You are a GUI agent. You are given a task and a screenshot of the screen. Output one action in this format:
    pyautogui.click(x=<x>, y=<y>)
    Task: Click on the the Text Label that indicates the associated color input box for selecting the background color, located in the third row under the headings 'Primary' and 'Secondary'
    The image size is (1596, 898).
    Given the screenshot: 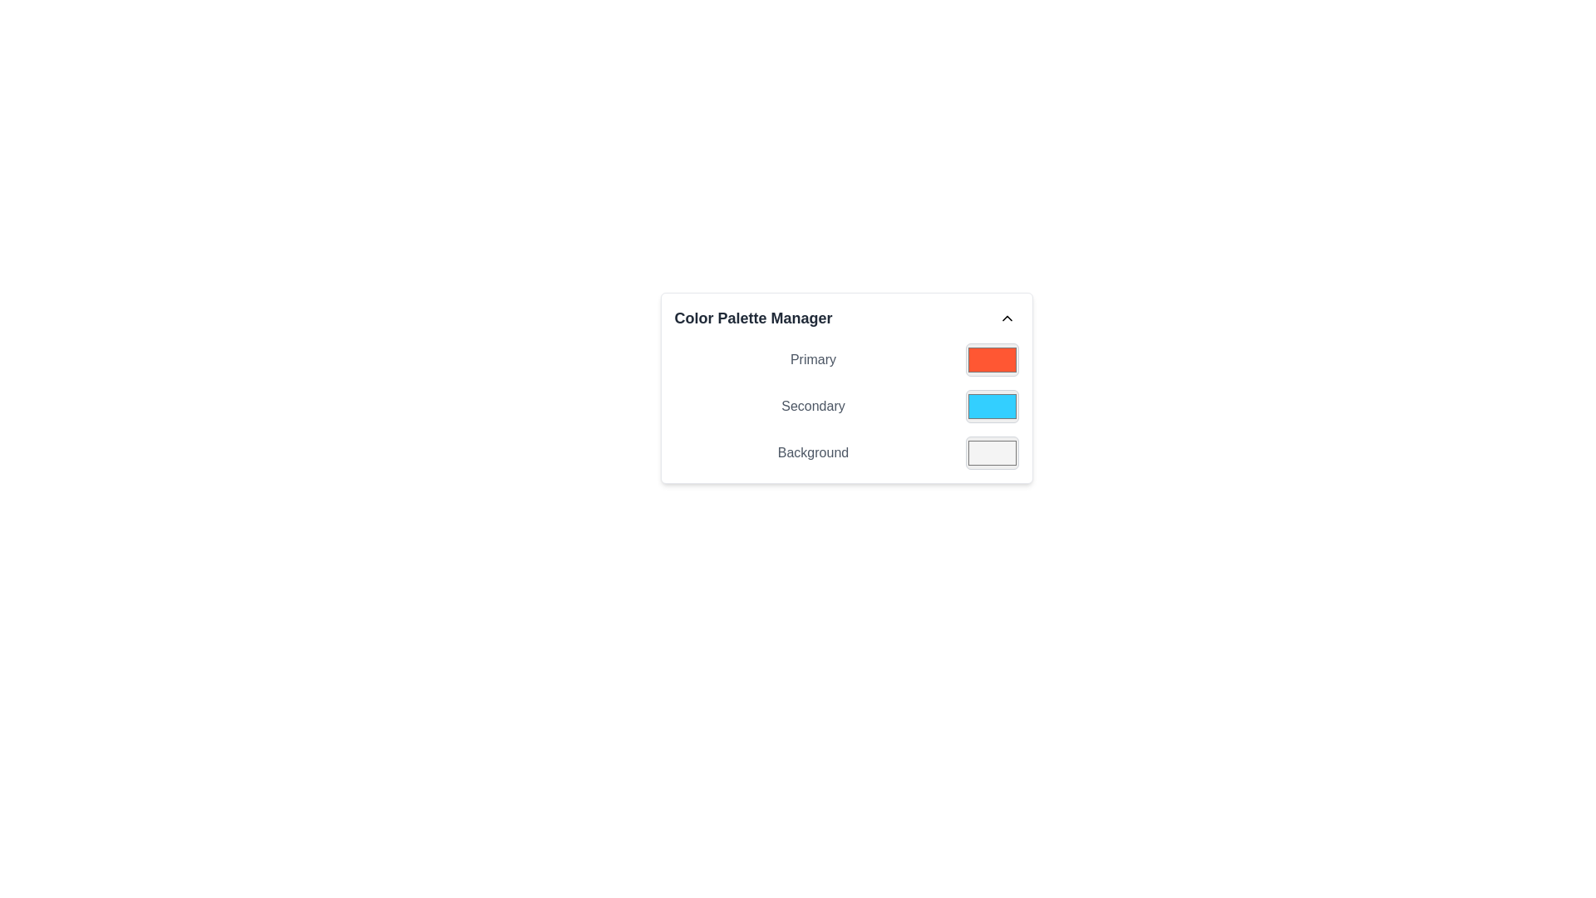 What is the action you would take?
    pyautogui.click(x=813, y=452)
    